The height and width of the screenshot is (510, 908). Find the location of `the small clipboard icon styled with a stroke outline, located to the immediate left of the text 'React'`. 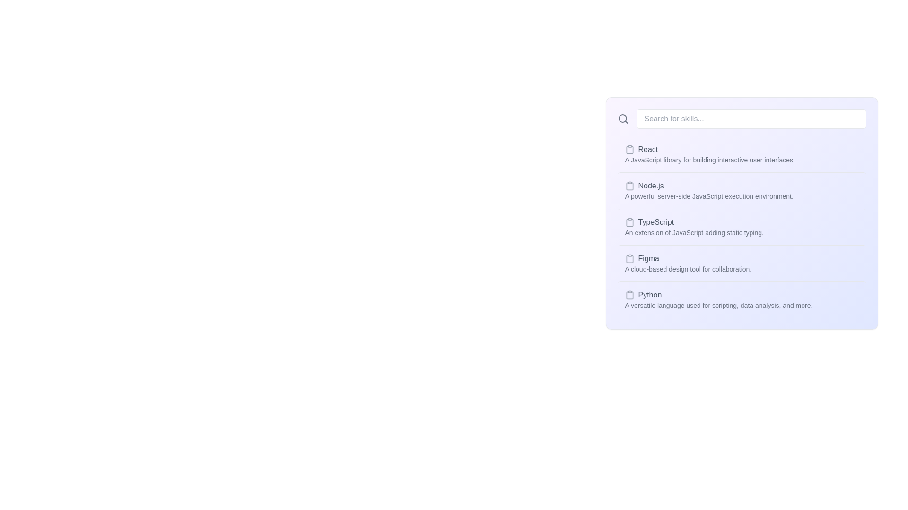

the small clipboard icon styled with a stroke outline, located to the immediate left of the text 'React' is located at coordinates (629, 149).